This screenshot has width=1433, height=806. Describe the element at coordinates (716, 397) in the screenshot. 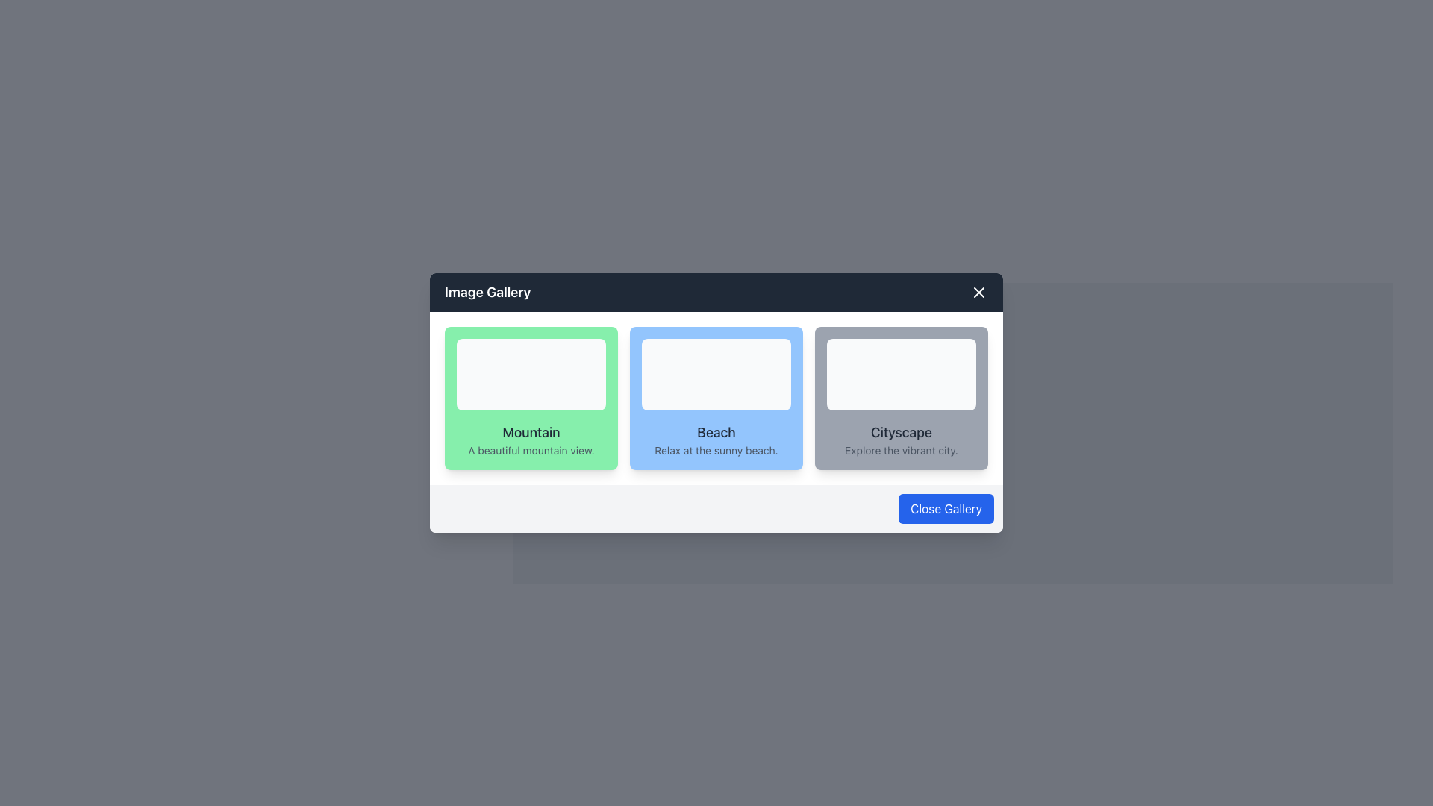

I see `the 'Beach' information card located` at that location.